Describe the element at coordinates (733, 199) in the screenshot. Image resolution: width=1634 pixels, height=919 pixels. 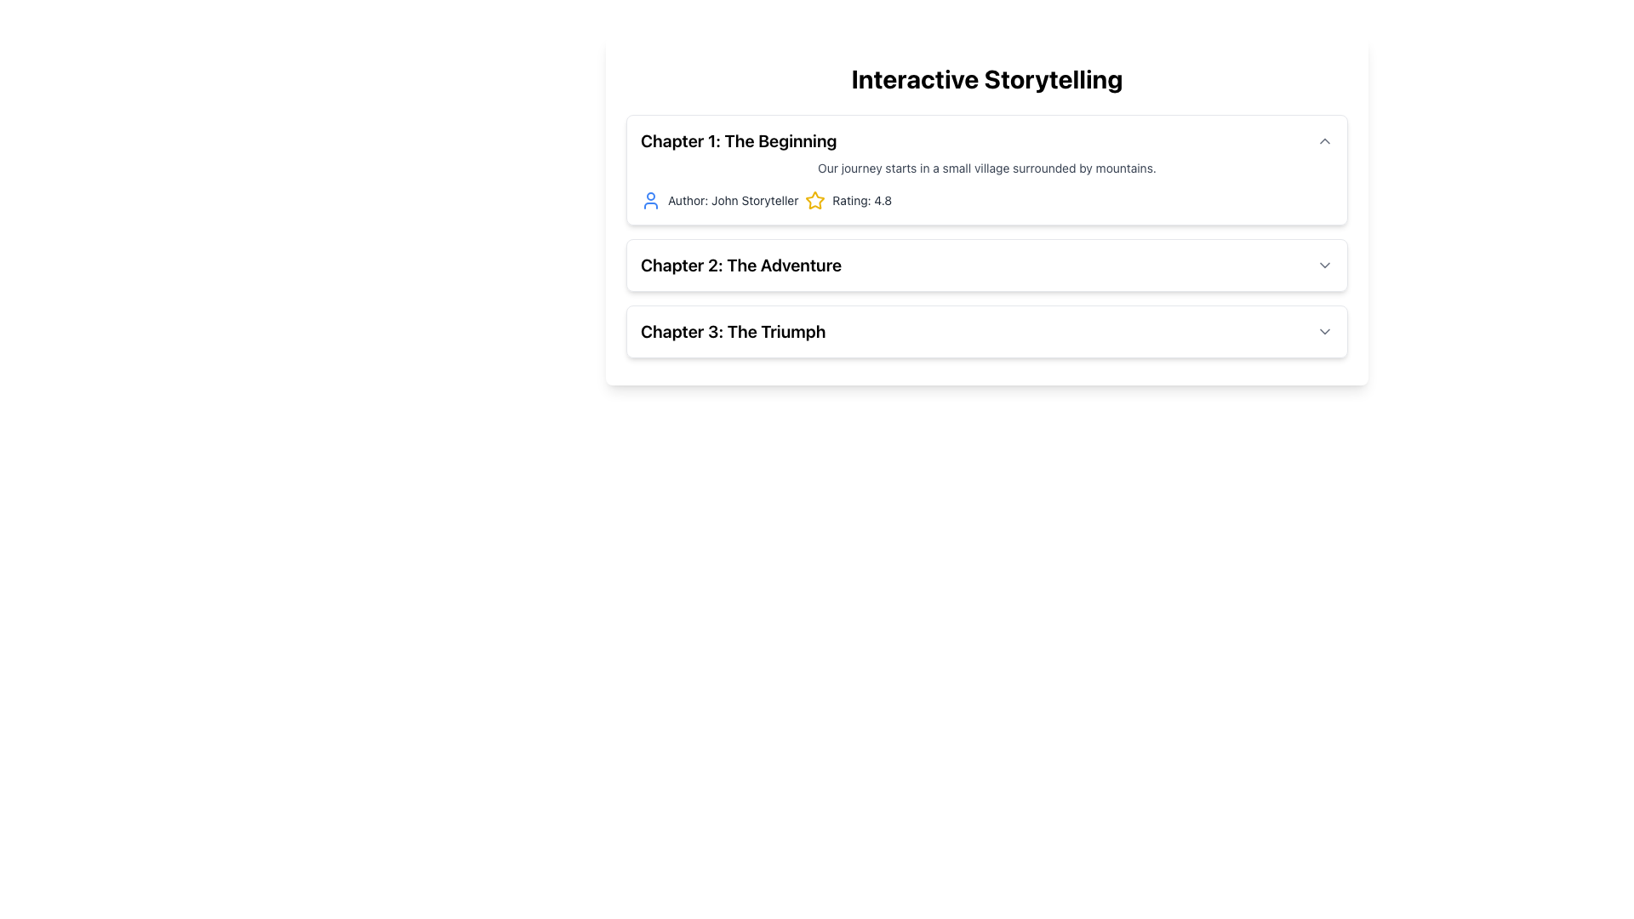
I see `text label displaying 'Author: John Storyteller' which is located below the title 'Chapter 1: The Beginning' and situated between a user icon and a star icon` at that location.